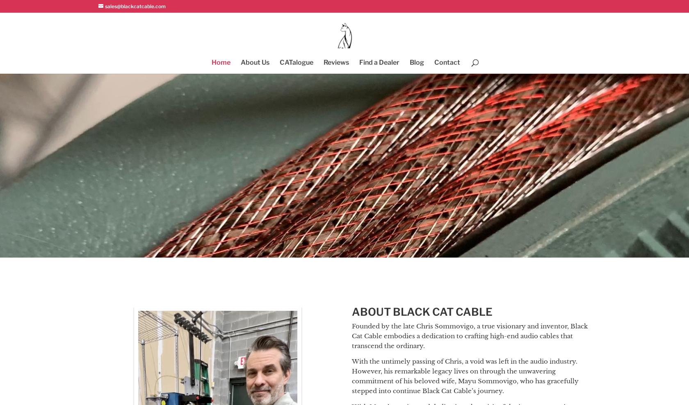 The image size is (689, 405). Describe the element at coordinates (351, 375) in the screenshot. I see `'With the untimely passing of Chris, a void was left in the audio industry. However, his remarkable legacy lives on through the unwavering commitment of his beloved wife, Mayu Sommovigo, who has gracefully stepped into continue Black Cat Cable’s journey.'` at that location.